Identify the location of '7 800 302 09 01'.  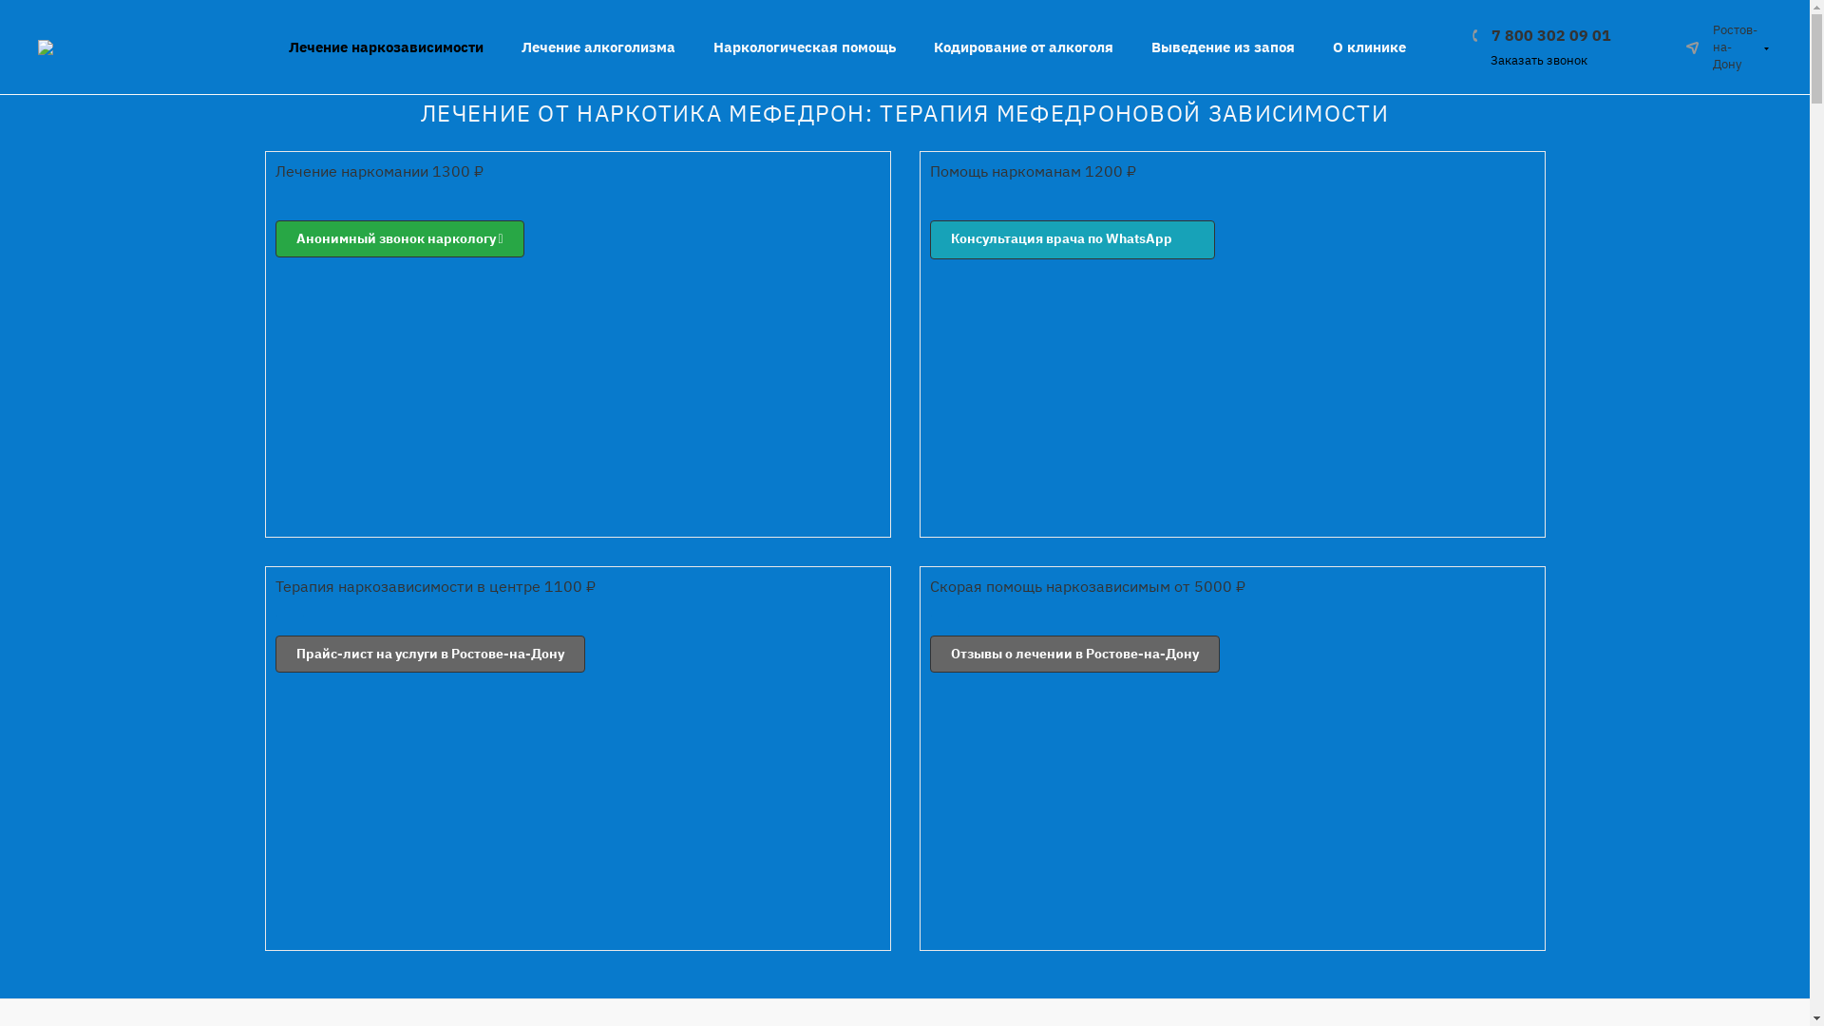
(1541, 33).